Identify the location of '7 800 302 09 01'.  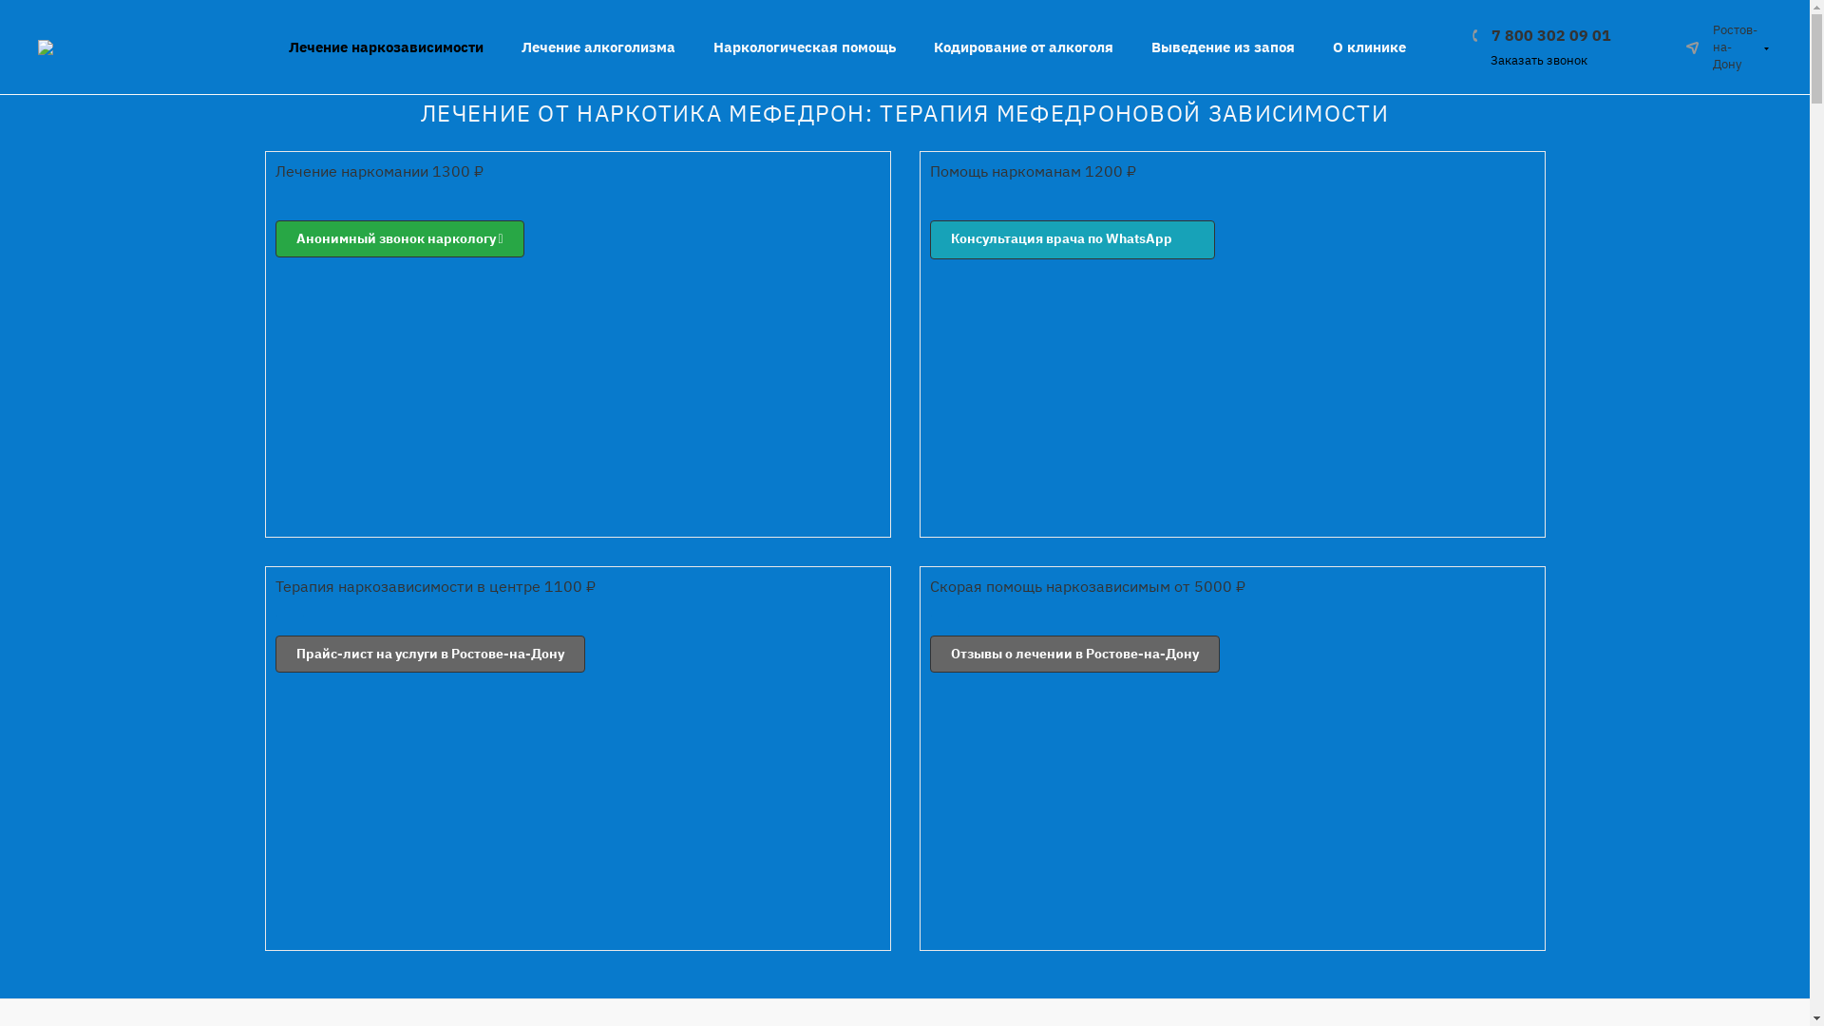
(1541, 33).